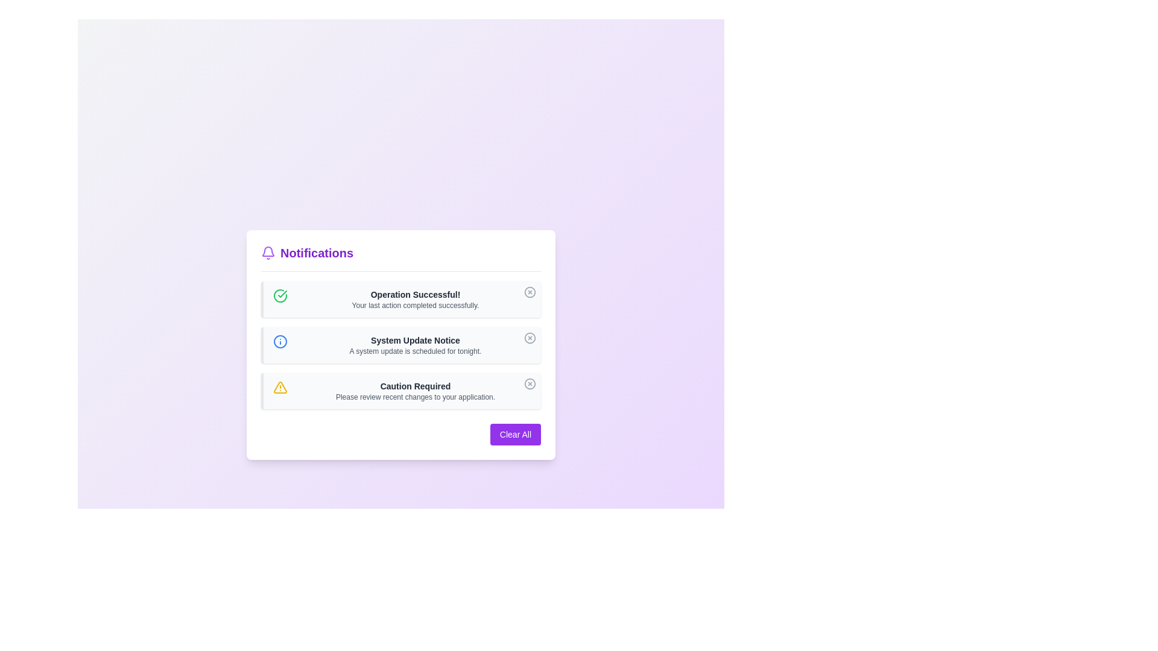 The height and width of the screenshot is (651, 1158). What do you see at coordinates (416, 294) in the screenshot?
I see `success message from the bold text label located at the top-left section of the notification area` at bounding box center [416, 294].